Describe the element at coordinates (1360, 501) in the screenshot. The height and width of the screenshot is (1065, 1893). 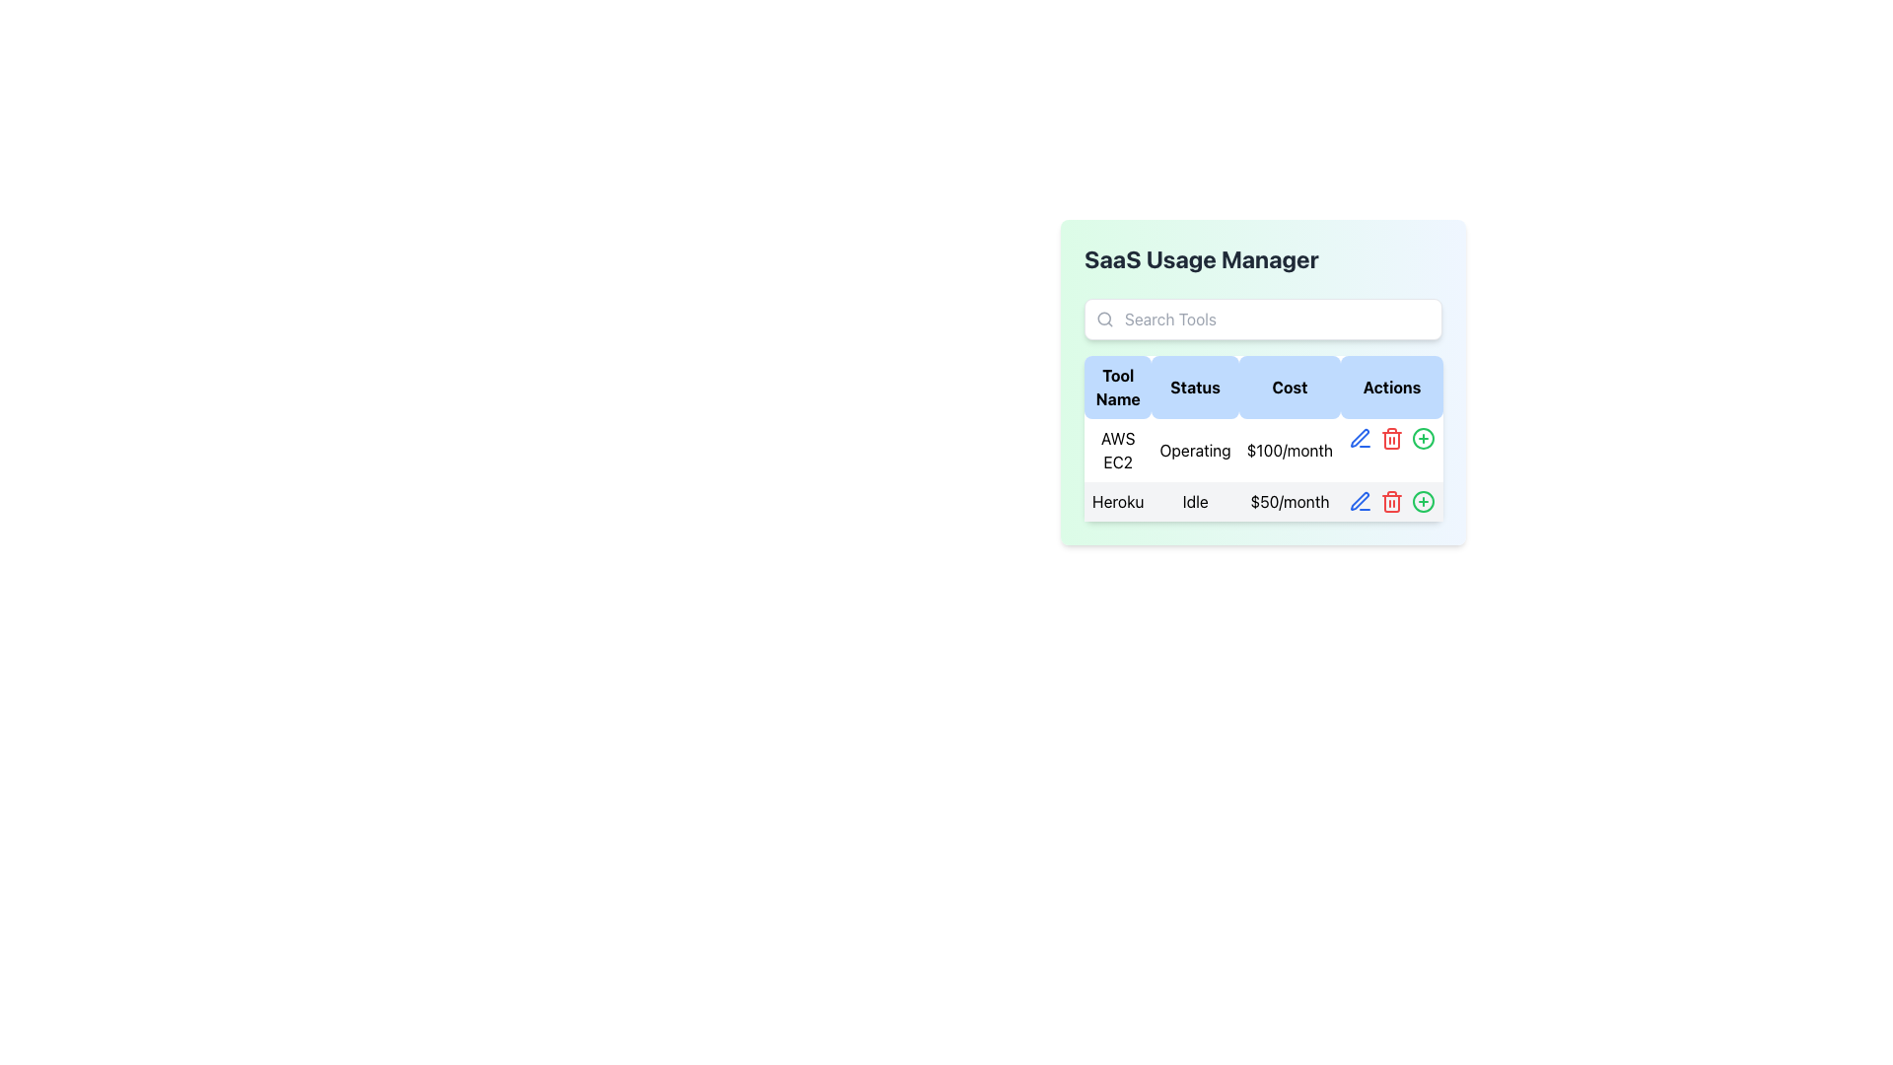
I see `the blue pen-shaped icon button located in the 'Actions' column of the top row in the 'SaaS Usage Manager' interface` at that location.